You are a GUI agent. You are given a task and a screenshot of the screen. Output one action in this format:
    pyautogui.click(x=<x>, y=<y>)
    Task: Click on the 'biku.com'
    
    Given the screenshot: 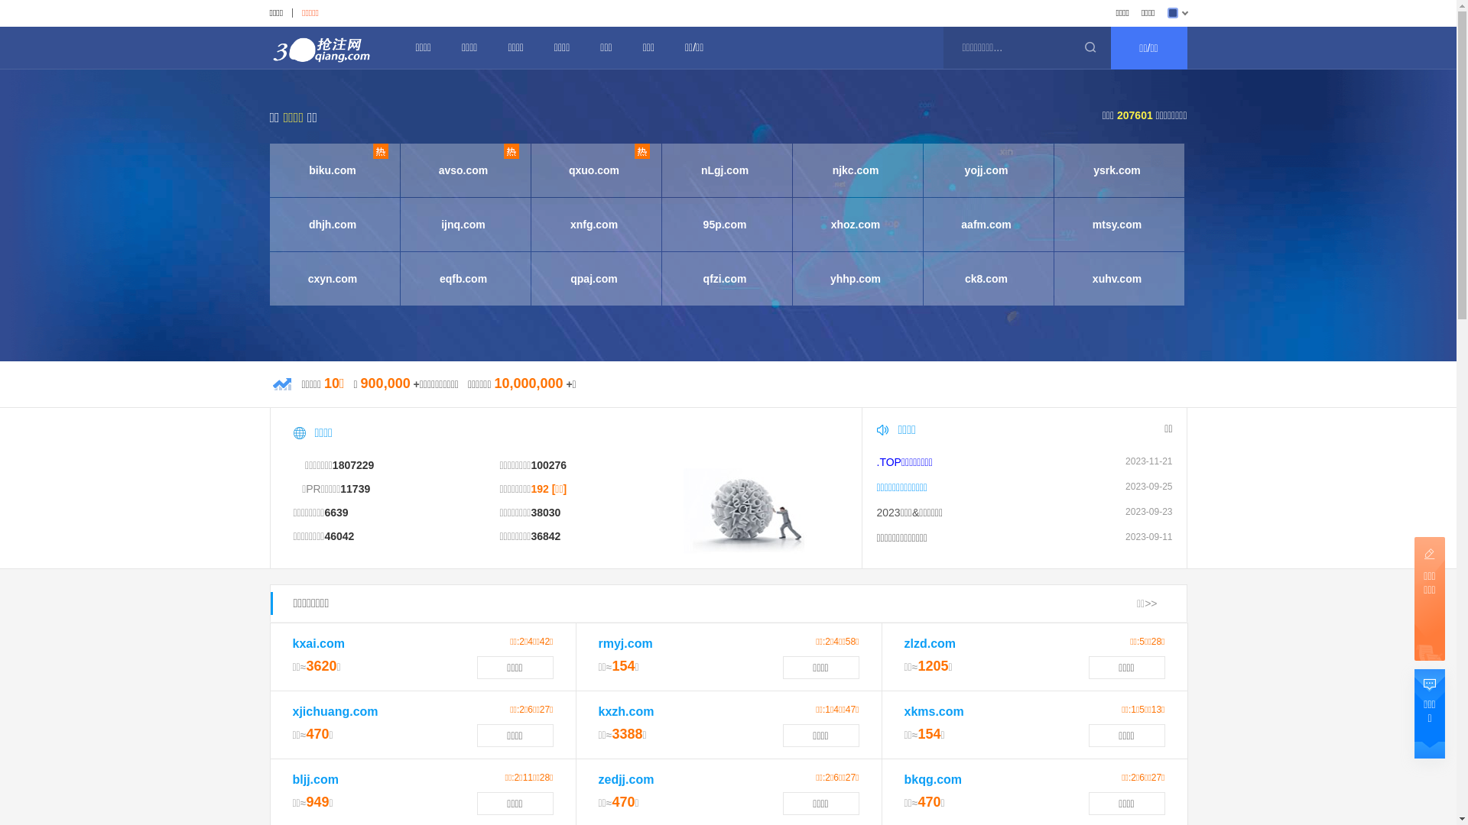 What is the action you would take?
    pyautogui.click(x=331, y=170)
    